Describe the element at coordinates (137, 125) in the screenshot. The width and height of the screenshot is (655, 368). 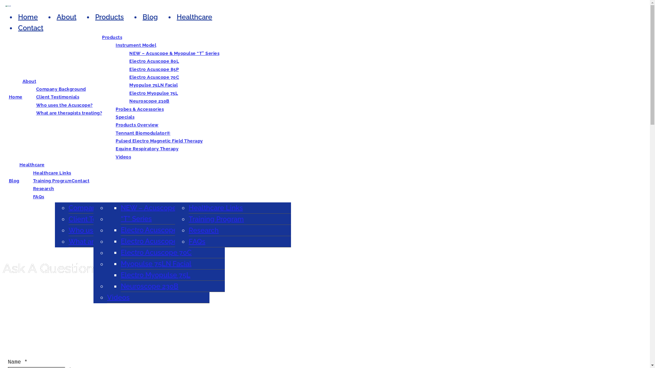
I see `'Products Overview'` at that location.